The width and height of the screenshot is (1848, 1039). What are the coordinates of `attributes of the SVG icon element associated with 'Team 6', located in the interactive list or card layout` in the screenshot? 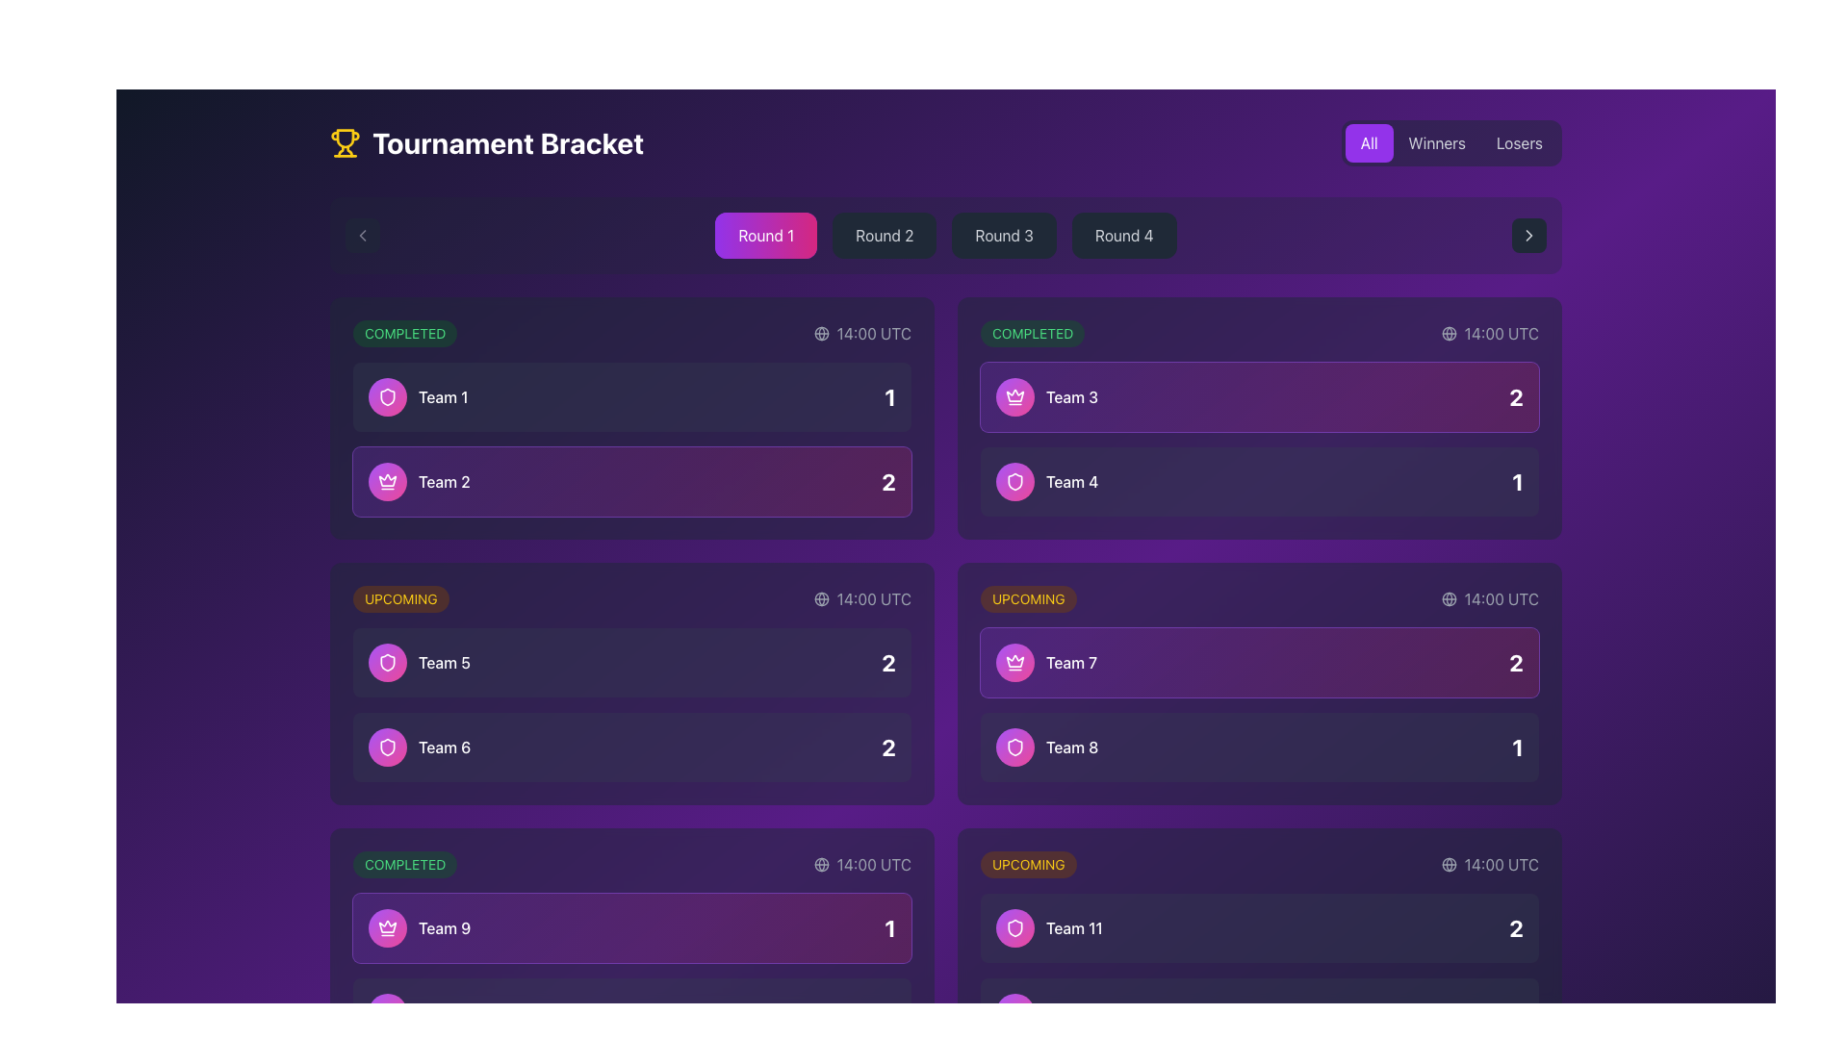 It's located at (387, 746).